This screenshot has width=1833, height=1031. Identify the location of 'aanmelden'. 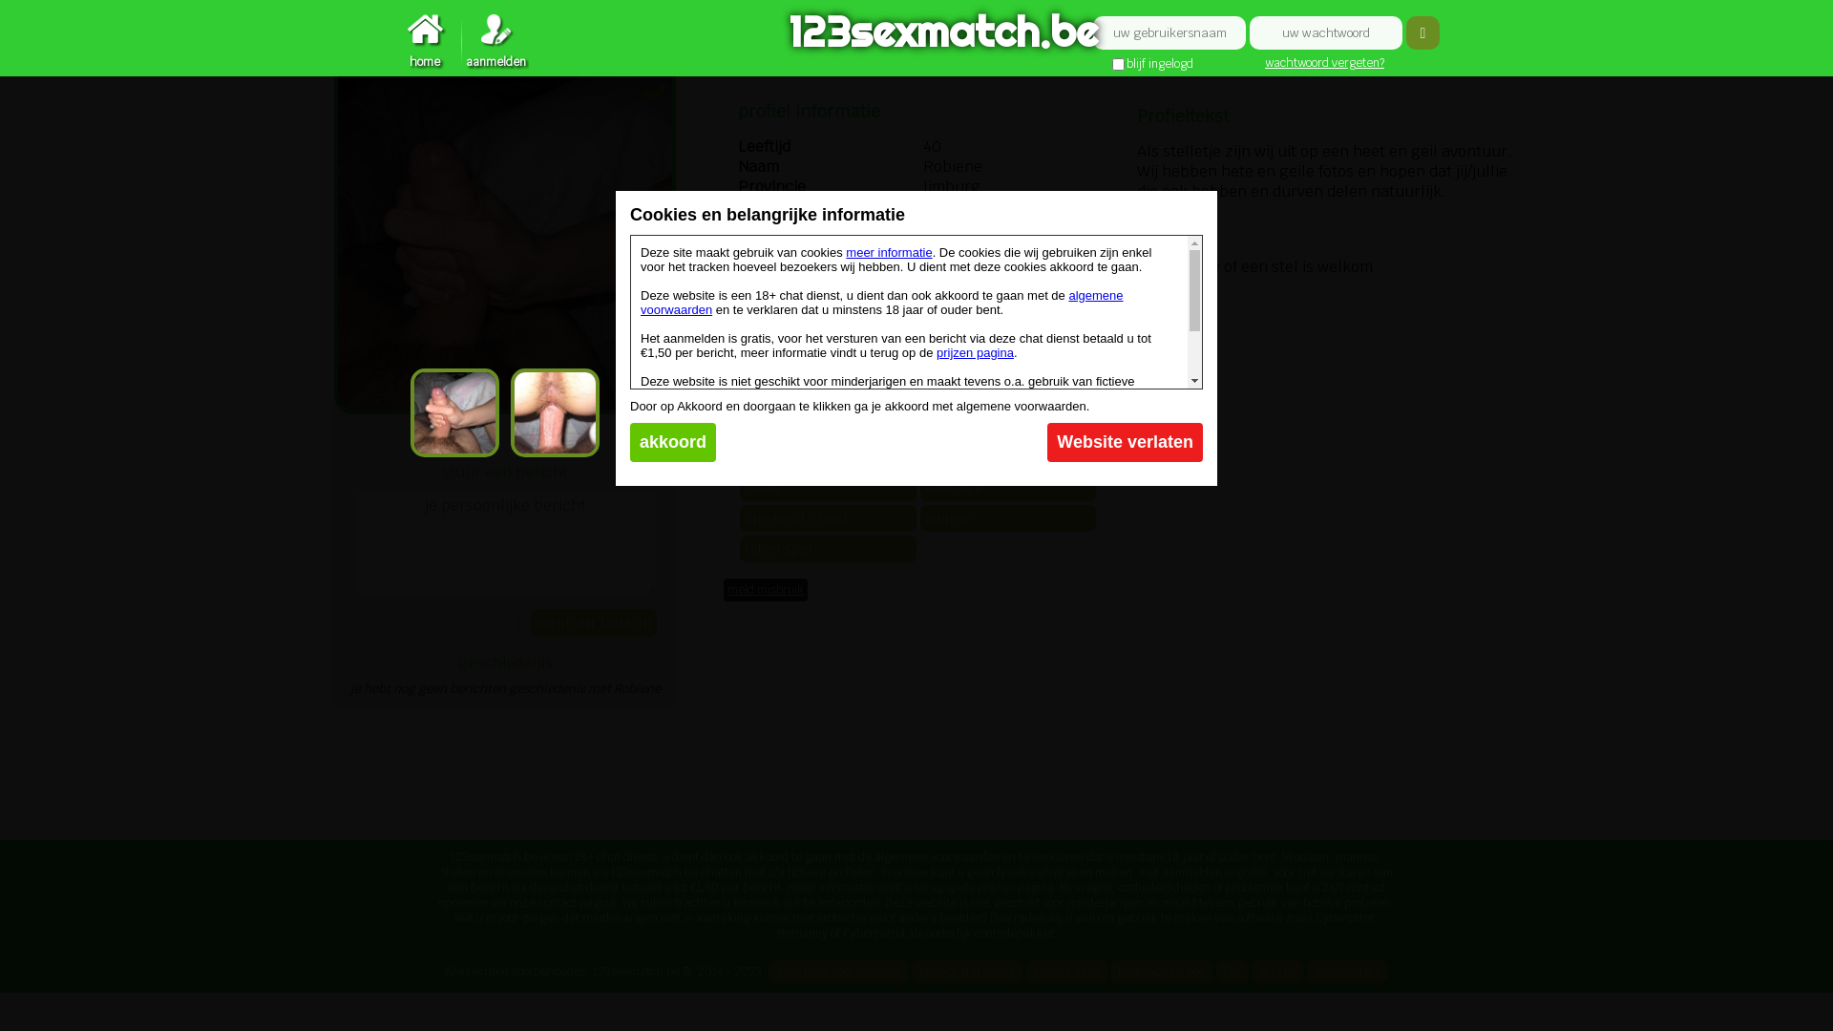
(462, 41).